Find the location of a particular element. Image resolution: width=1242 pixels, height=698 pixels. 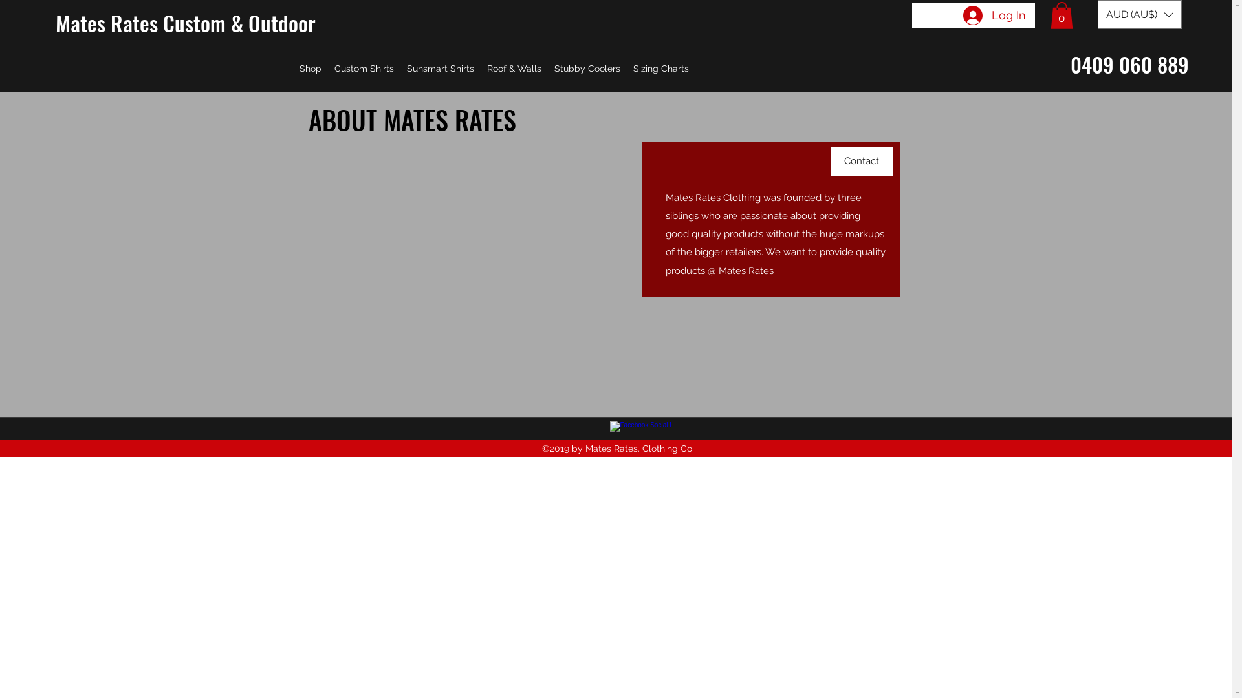

'Custom Shirts' is located at coordinates (363, 68).